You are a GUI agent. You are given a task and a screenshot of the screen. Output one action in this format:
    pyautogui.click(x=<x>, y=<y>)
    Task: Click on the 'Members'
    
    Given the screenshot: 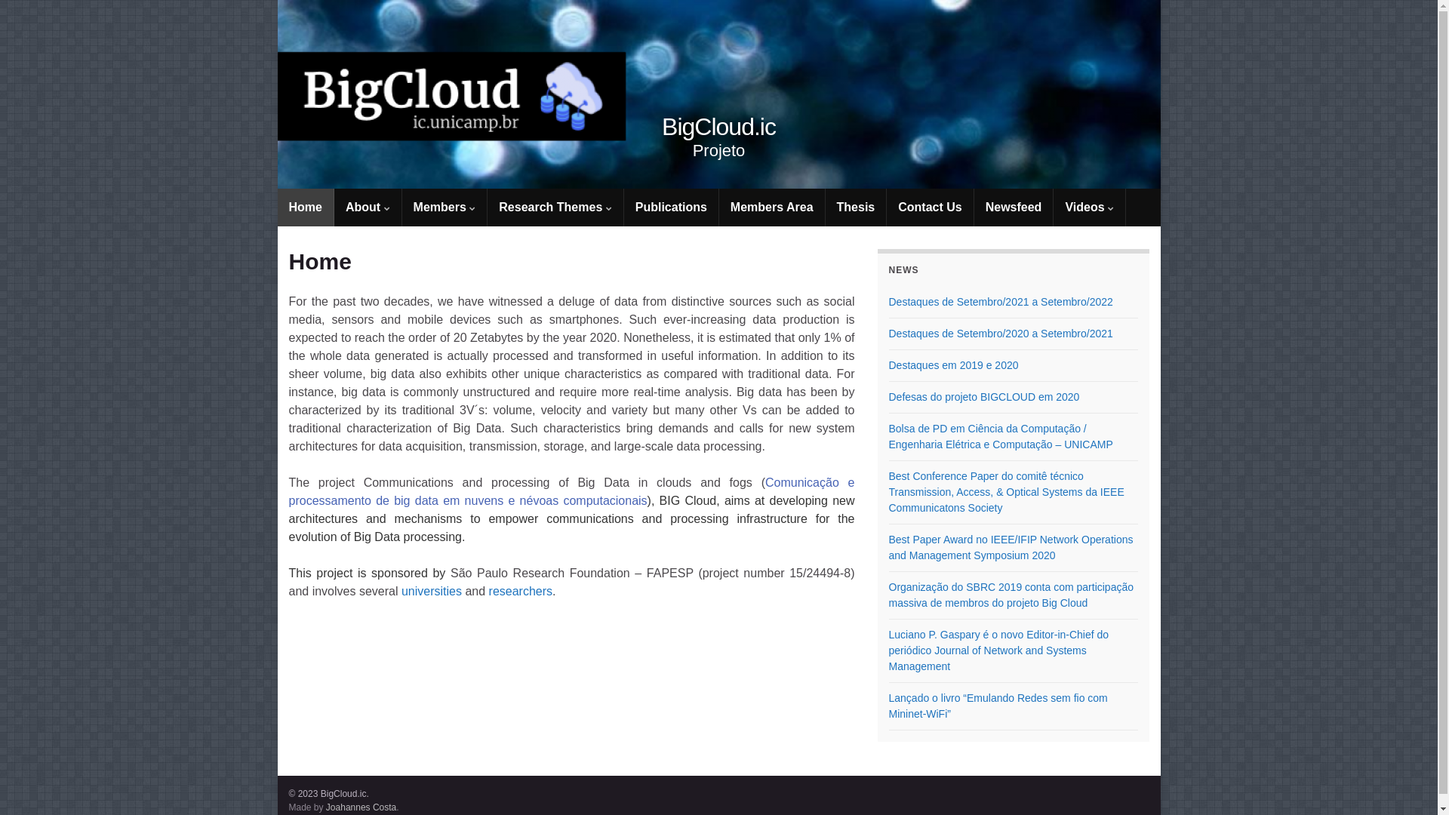 What is the action you would take?
    pyautogui.click(x=444, y=207)
    